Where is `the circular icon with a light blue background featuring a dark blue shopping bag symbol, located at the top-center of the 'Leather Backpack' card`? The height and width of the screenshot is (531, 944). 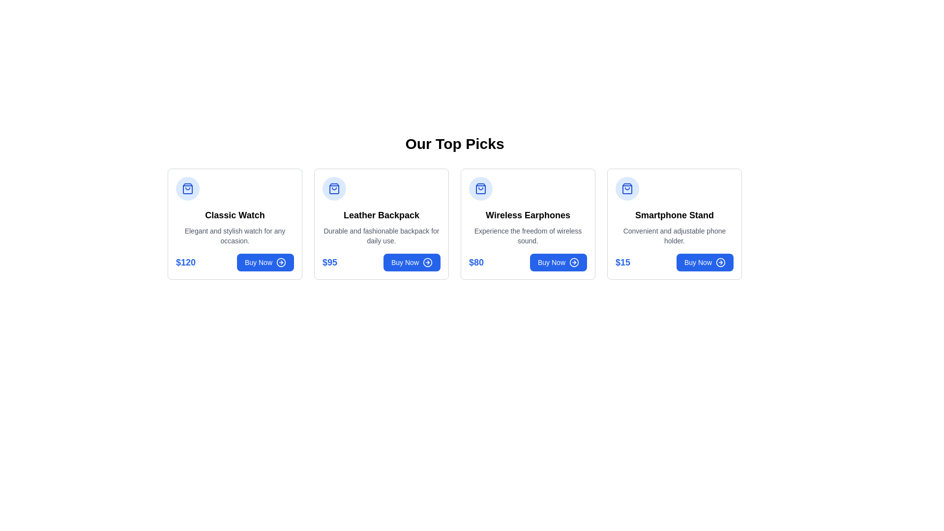 the circular icon with a light blue background featuring a dark blue shopping bag symbol, located at the top-center of the 'Leather Backpack' card is located at coordinates (334, 189).